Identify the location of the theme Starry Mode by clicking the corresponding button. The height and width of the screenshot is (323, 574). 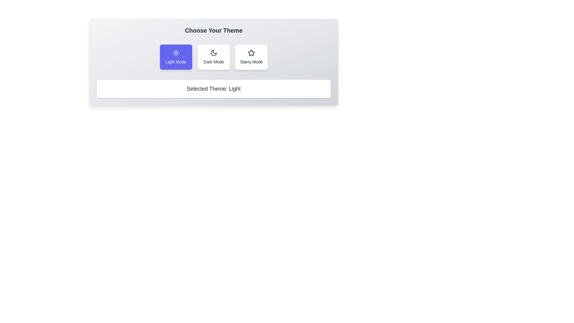
(251, 57).